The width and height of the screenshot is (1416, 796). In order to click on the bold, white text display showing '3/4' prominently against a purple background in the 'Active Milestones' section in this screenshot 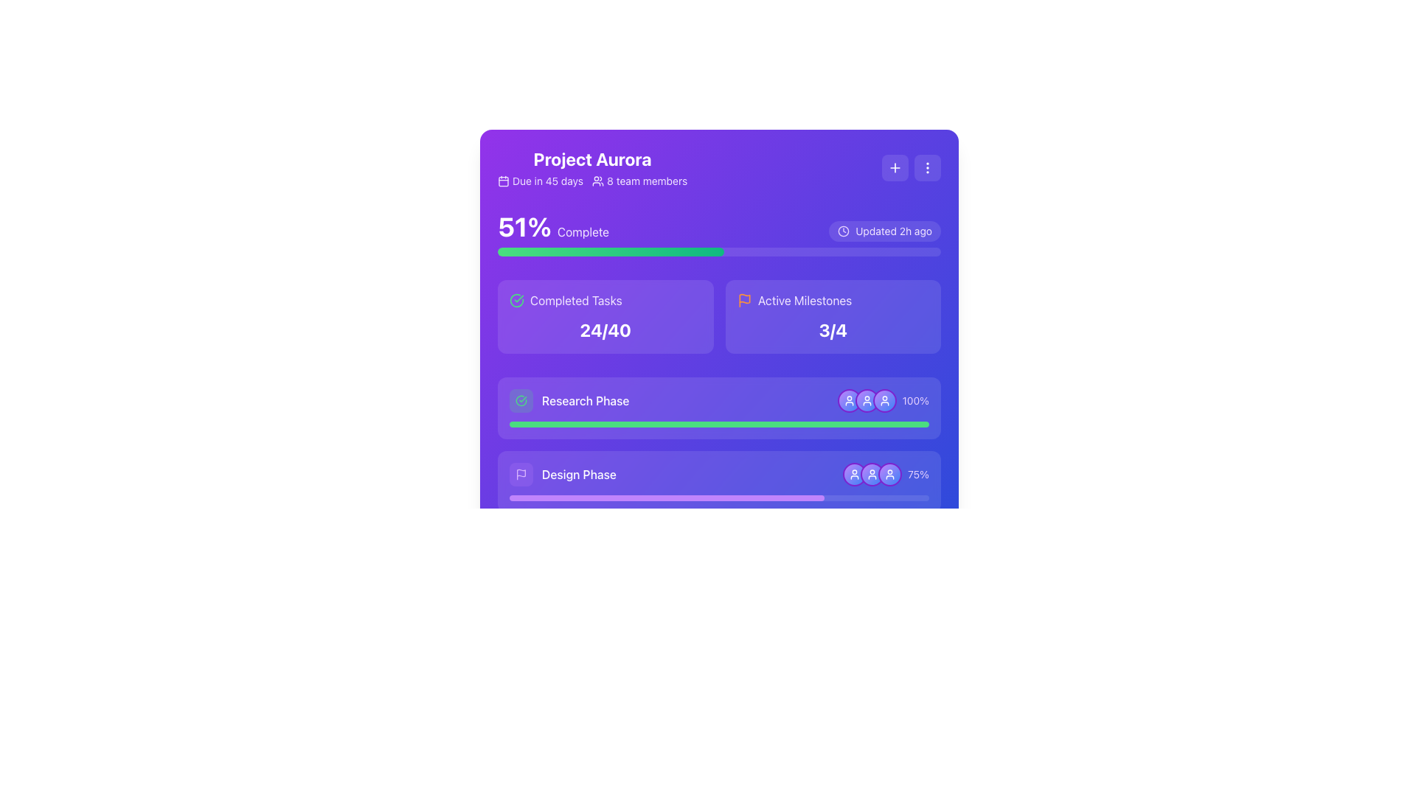, I will do `click(833, 329)`.